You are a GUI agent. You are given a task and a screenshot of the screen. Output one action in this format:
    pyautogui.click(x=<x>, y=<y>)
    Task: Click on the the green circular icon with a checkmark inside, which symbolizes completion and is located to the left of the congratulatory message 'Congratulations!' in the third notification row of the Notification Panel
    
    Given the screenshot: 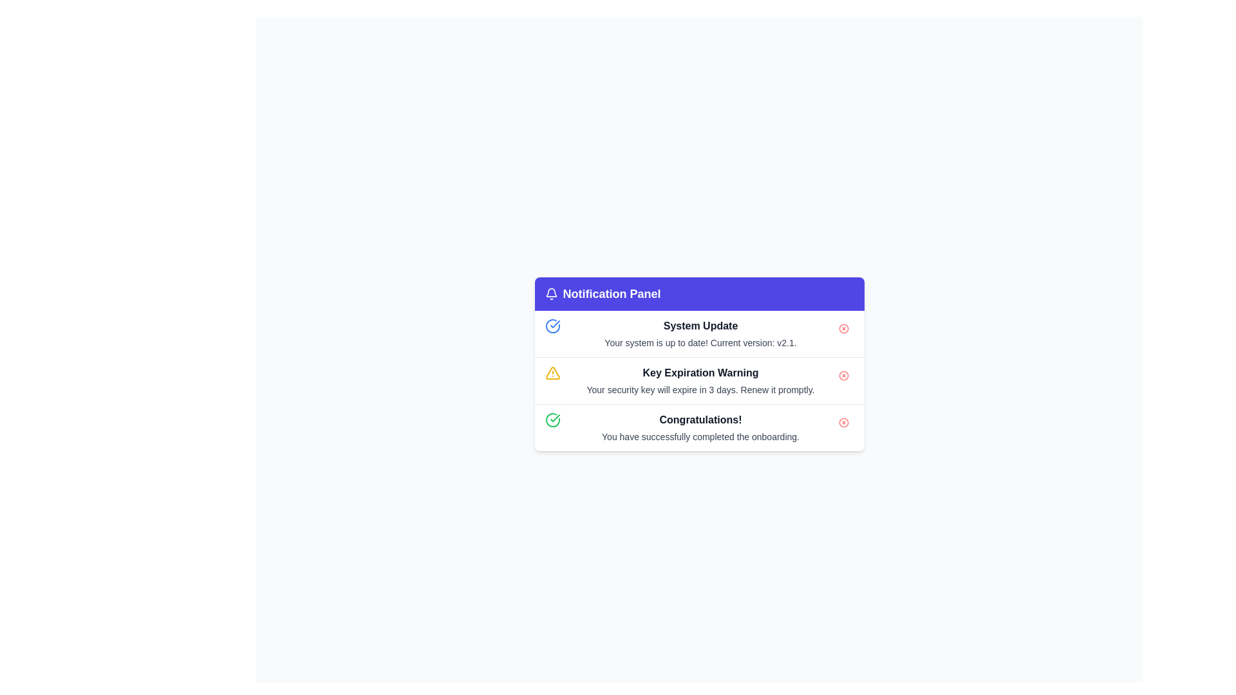 What is the action you would take?
    pyautogui.click(x=552, y=420)
    